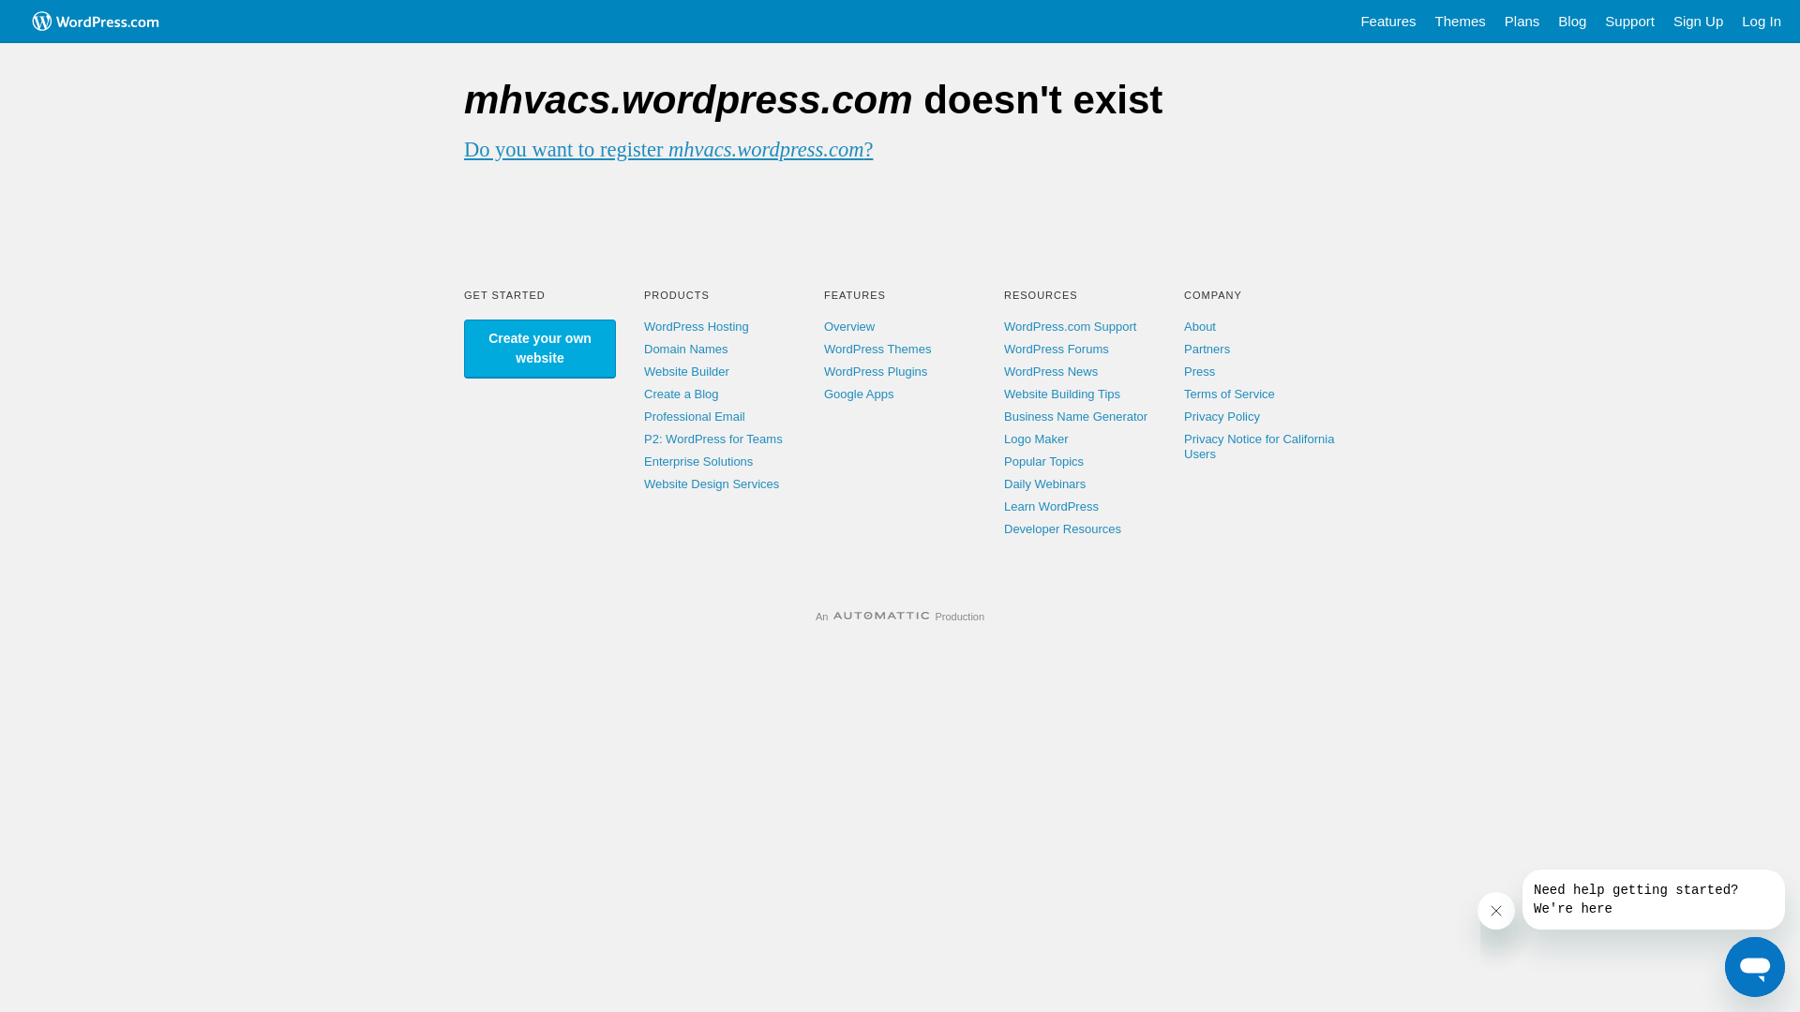  What do you see at coordinates (697, 461) in the screenshot?
I see `'Enterprise Solutions'` at bounding box center [697, 461].